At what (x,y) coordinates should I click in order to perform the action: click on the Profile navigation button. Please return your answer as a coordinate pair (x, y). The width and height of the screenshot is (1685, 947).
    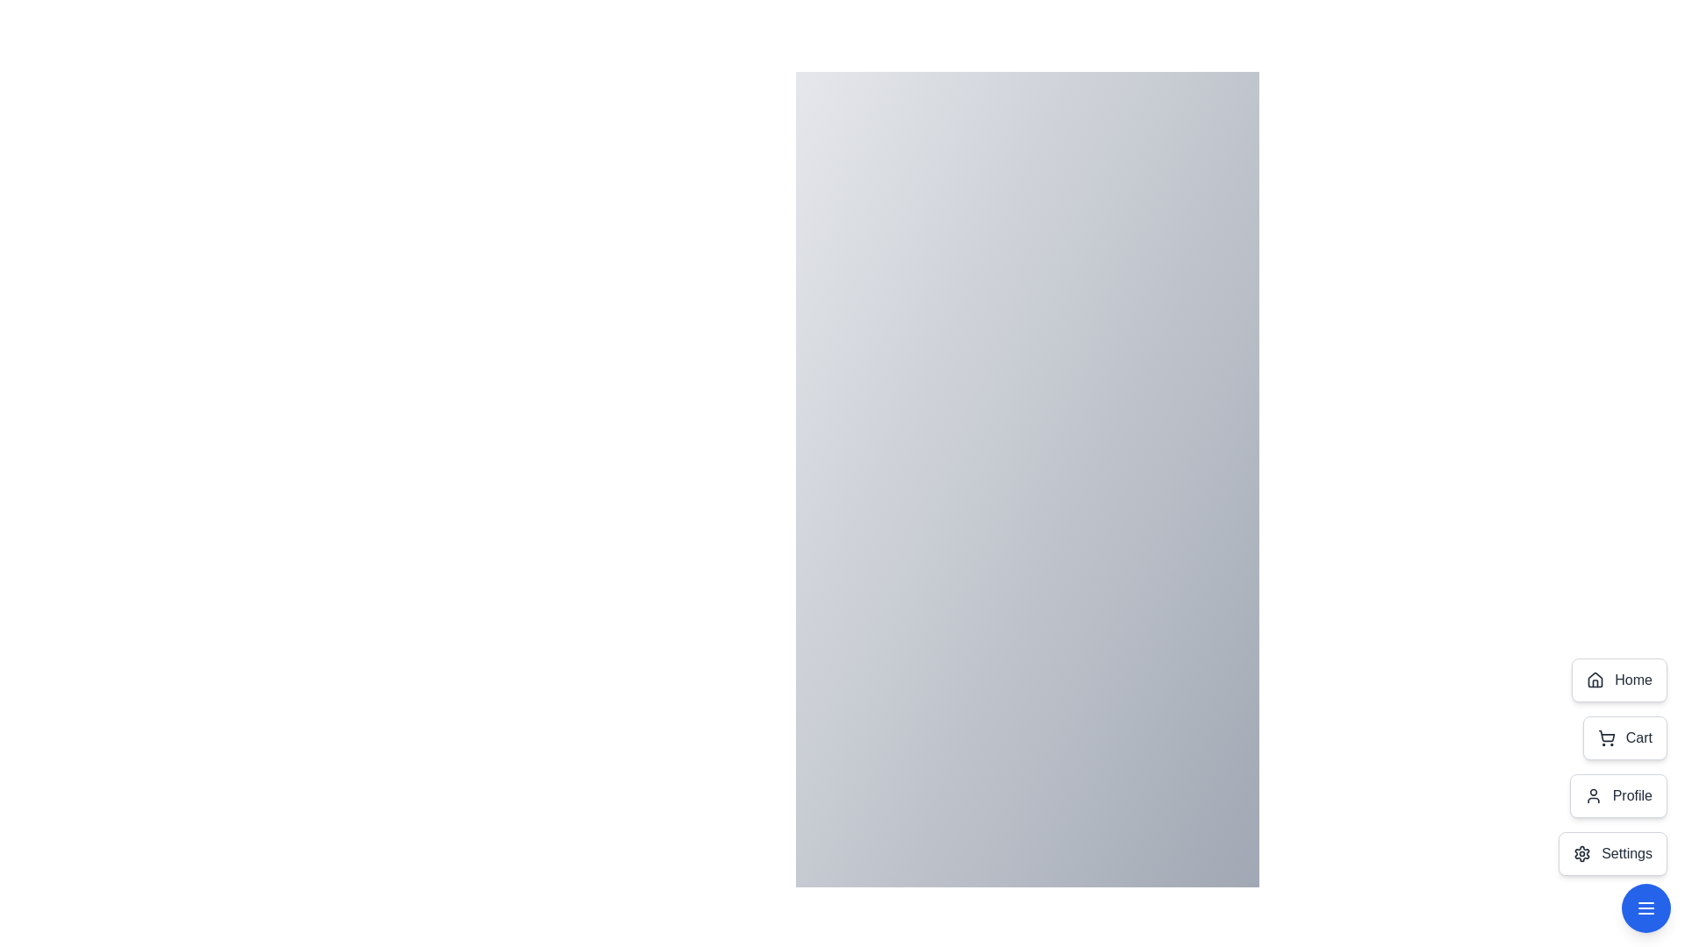
    Looking at the image, I should click on (1617, 795).